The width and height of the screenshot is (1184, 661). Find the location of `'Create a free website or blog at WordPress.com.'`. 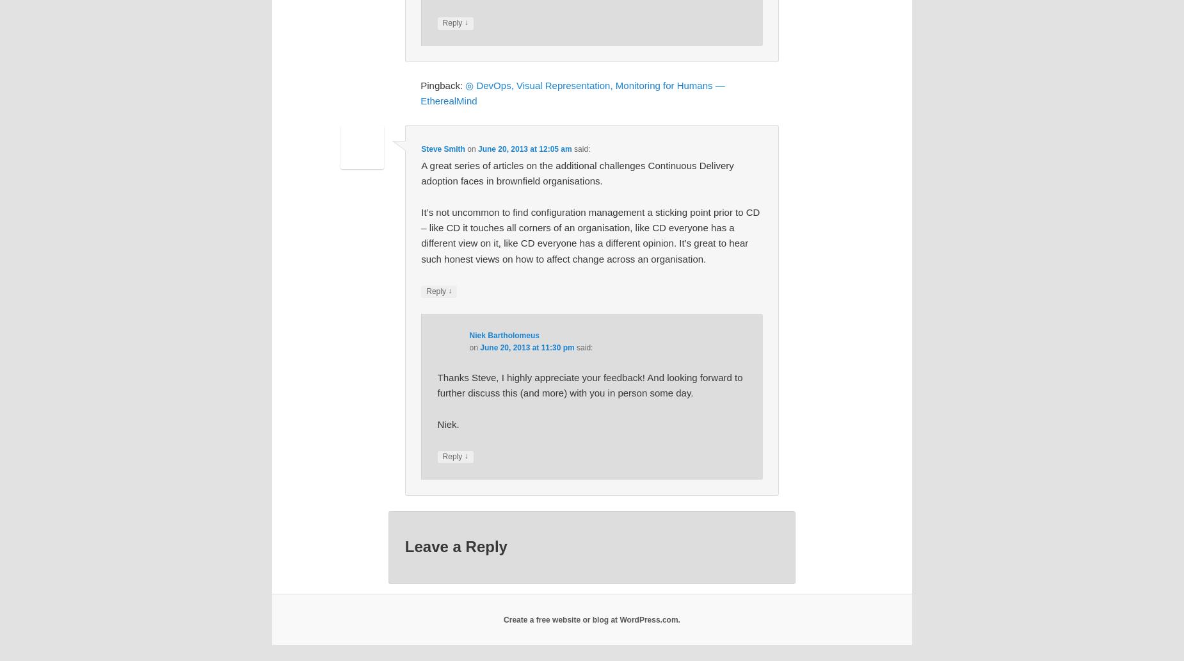

'Create a free website or blog at WordPress.com.' is located at coordinates (591, 618).